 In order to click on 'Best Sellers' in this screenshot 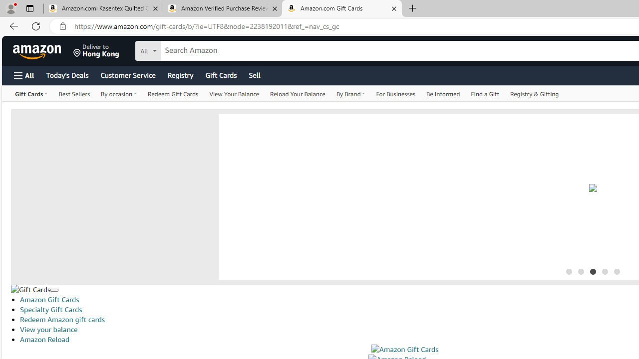, I will do `click(74, 93)`.